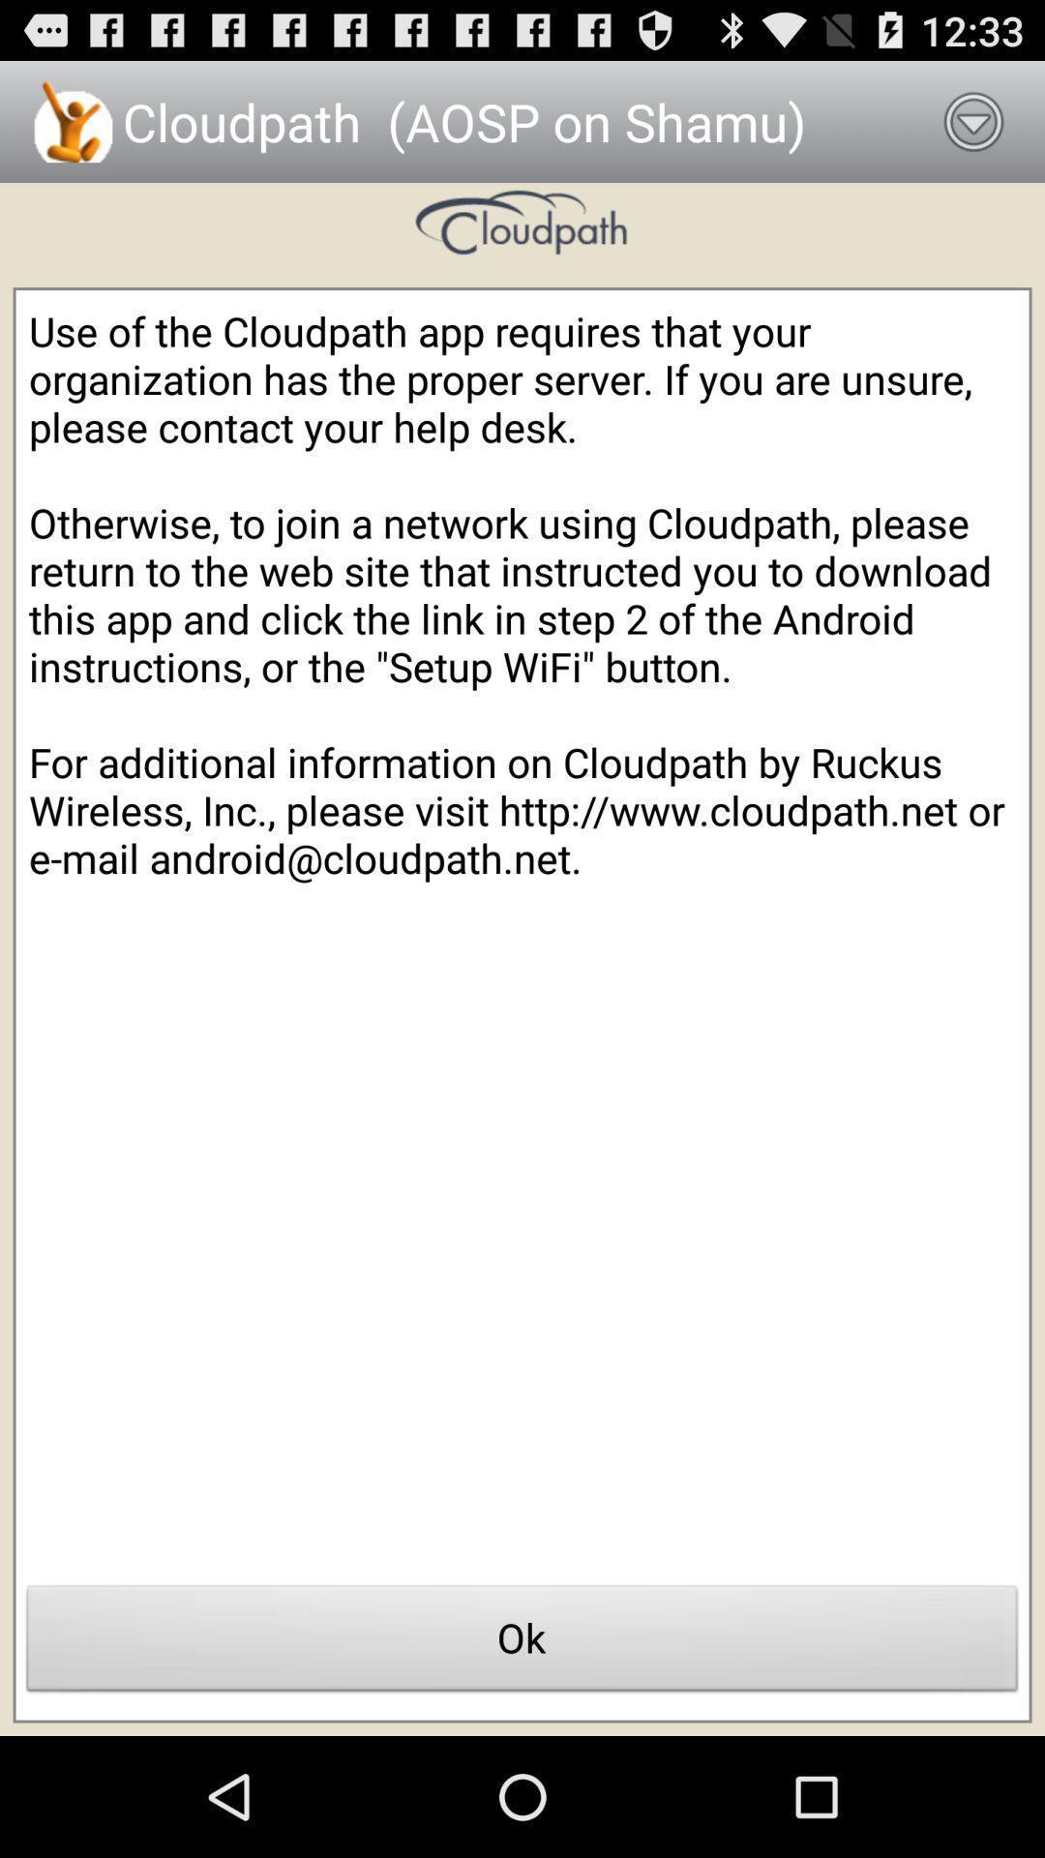 Image resolution: width=1045 pixels, height=1858 pixels. I want to click on app below use of the item, so click(522, 1642).